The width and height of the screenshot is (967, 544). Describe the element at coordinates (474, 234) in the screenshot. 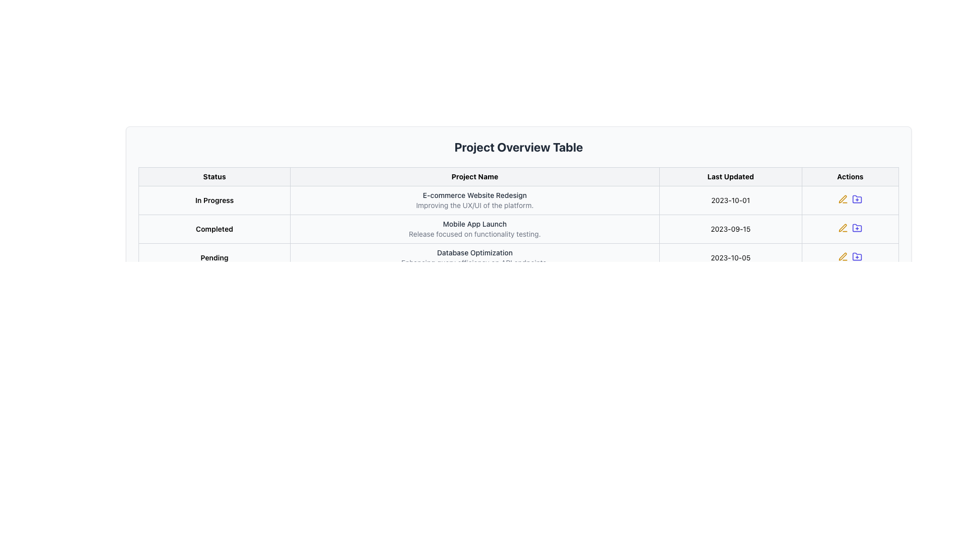

I see `the text label providing information about the project entry 'Mobile App Launch' in the 'Project Overview Table', which specifies that it focuses on functionality testing` at that location.